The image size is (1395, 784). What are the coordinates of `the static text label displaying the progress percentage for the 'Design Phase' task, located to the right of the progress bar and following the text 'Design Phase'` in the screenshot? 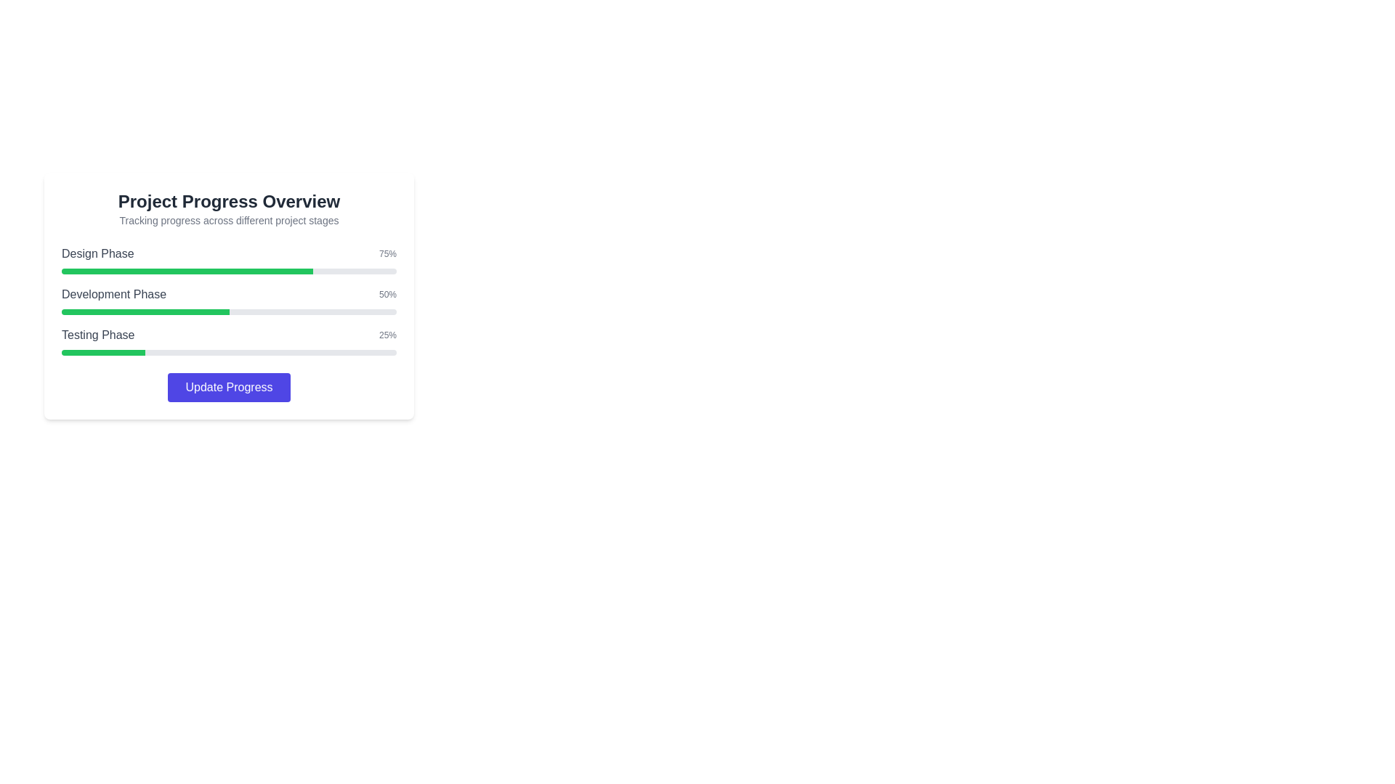 It's located at (387, 253).